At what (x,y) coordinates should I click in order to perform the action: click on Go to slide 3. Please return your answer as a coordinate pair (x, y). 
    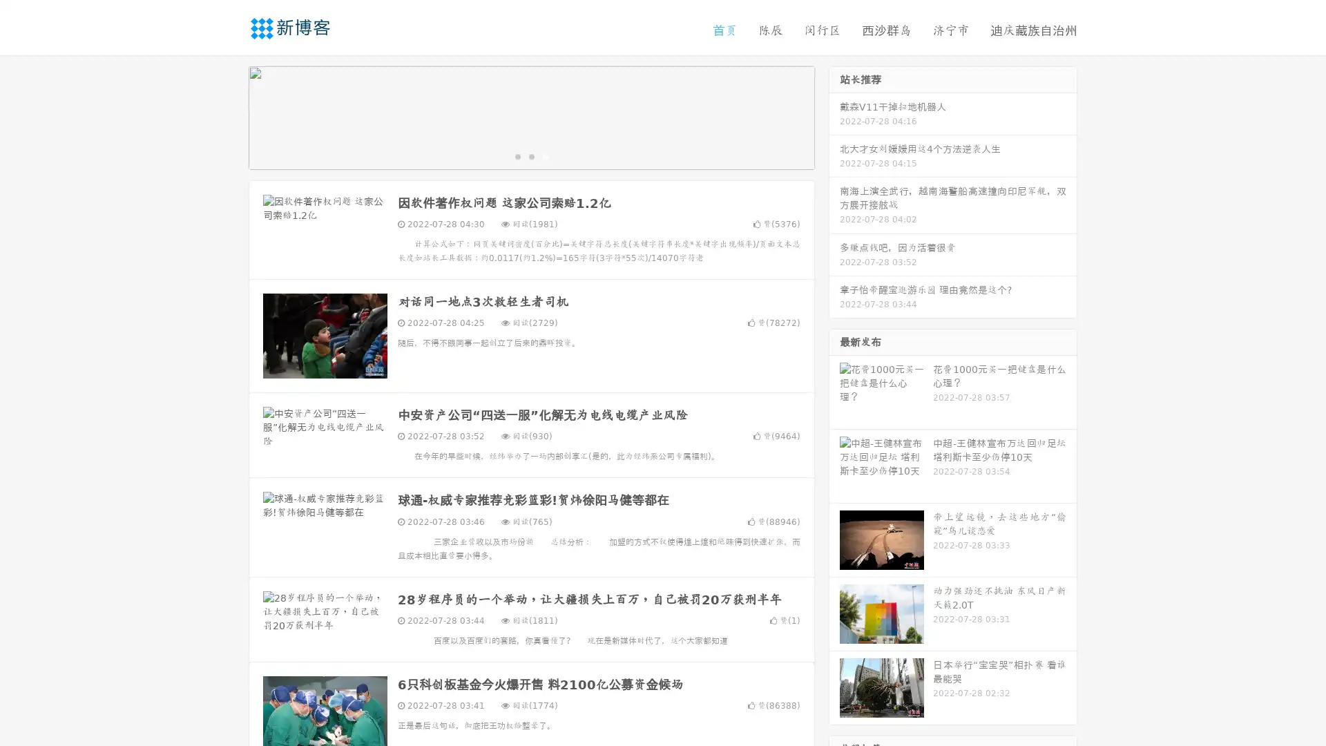
    Looking at the image, I should click on (545, 155).